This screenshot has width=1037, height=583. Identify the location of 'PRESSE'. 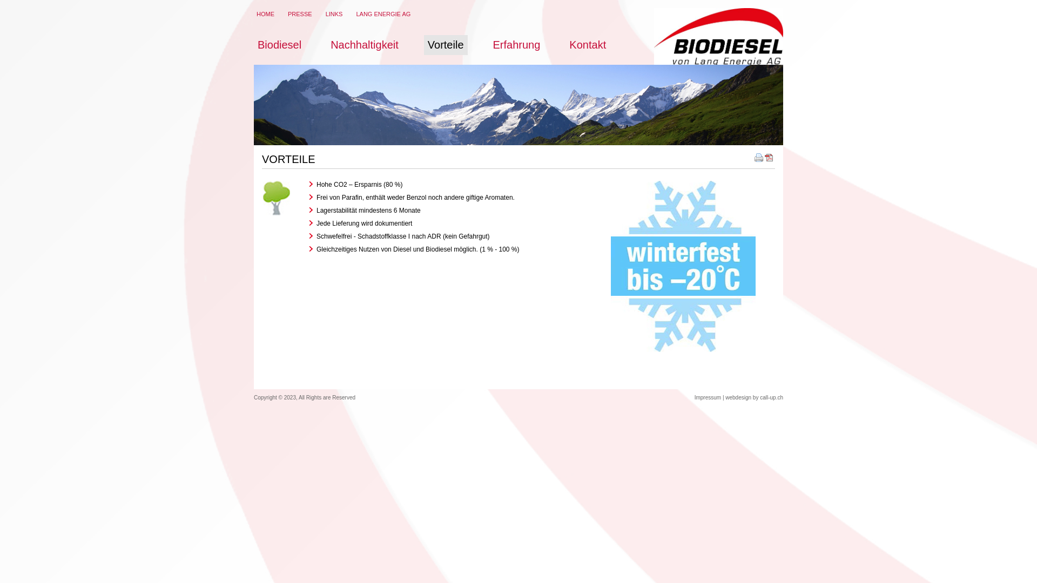
(300, 14).